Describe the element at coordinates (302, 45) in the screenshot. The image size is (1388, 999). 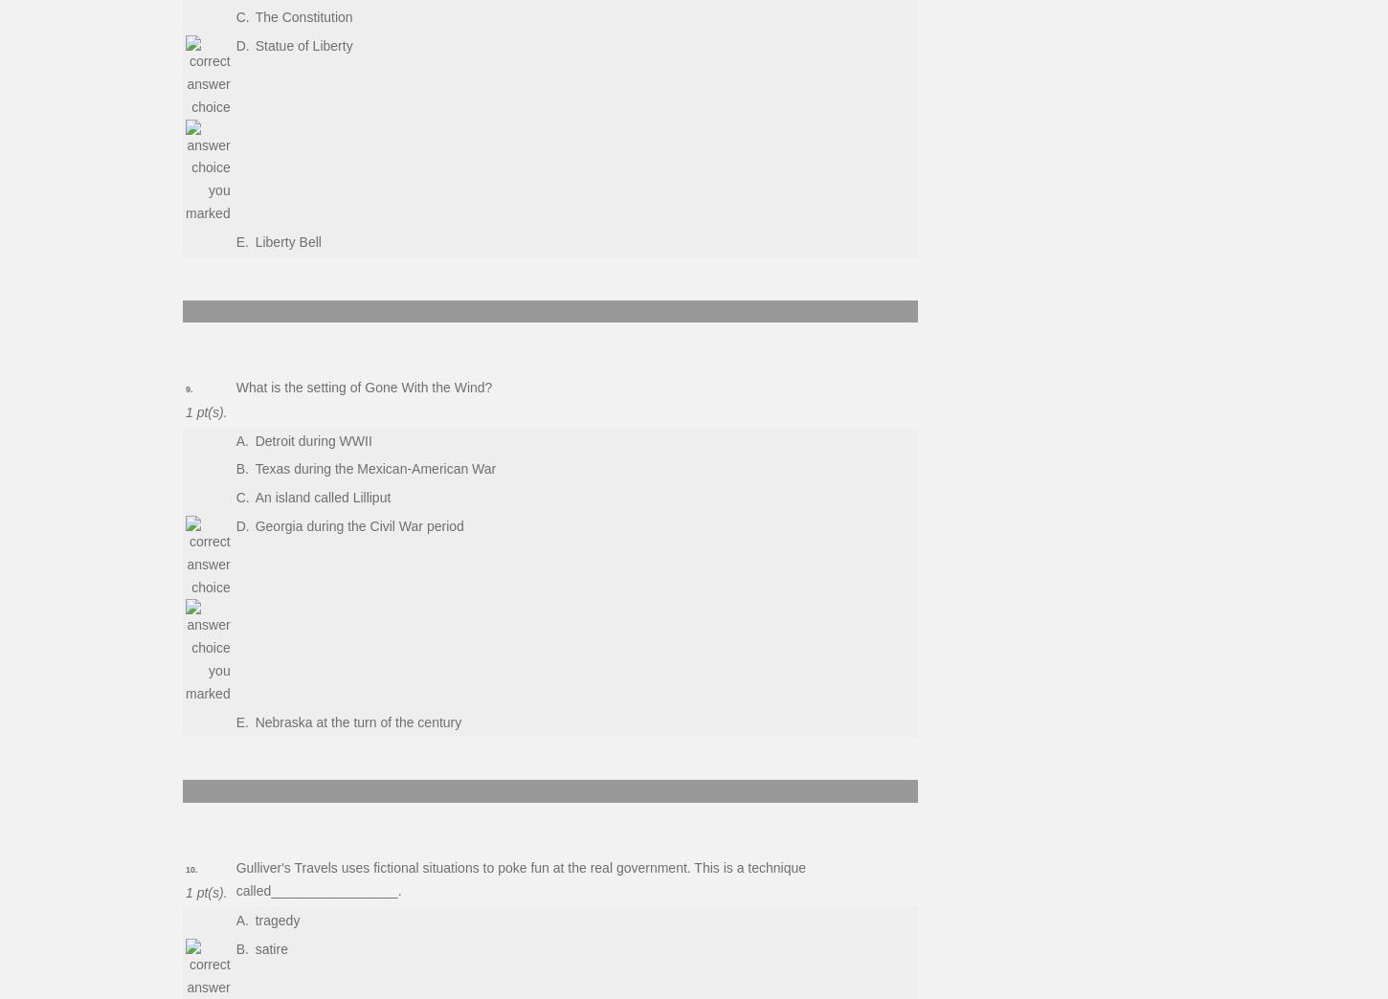
I see `'Statue of Liberty'` at that location.